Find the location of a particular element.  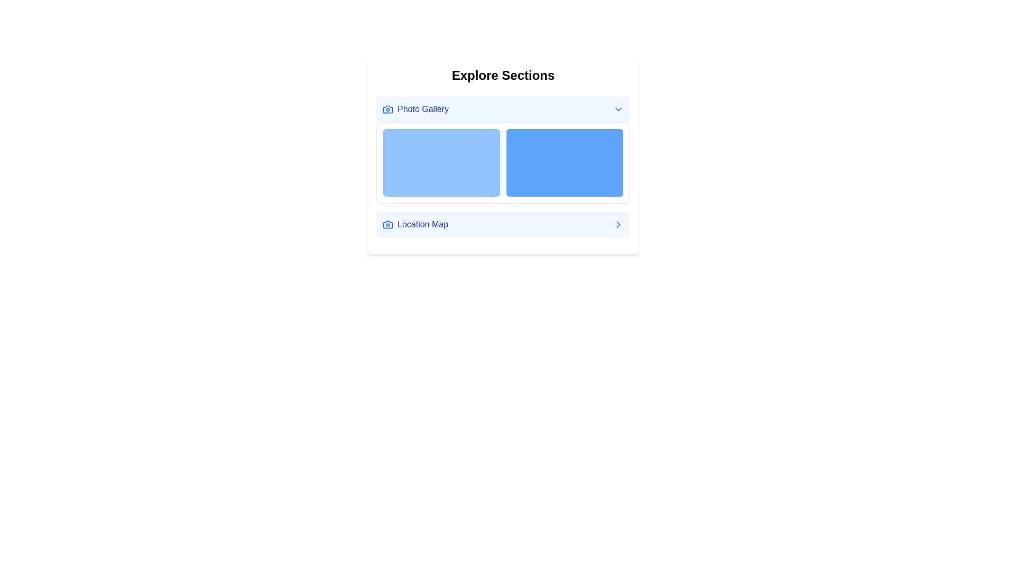

the blue camera icon located at the beginning of the 'Location Map' section, adjacent to its text label, as a visual indicator is located at coordinates (387, 109).